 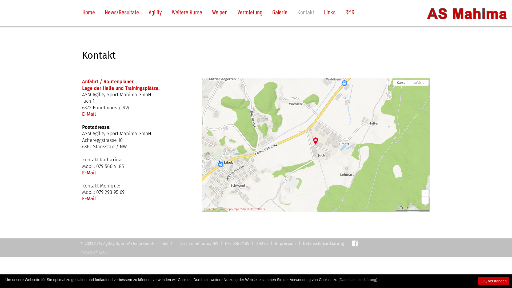 What do you see at coordinates (279, 13) in the screenshot?
I see `'Galerie'` at bounding box center [279, 13].